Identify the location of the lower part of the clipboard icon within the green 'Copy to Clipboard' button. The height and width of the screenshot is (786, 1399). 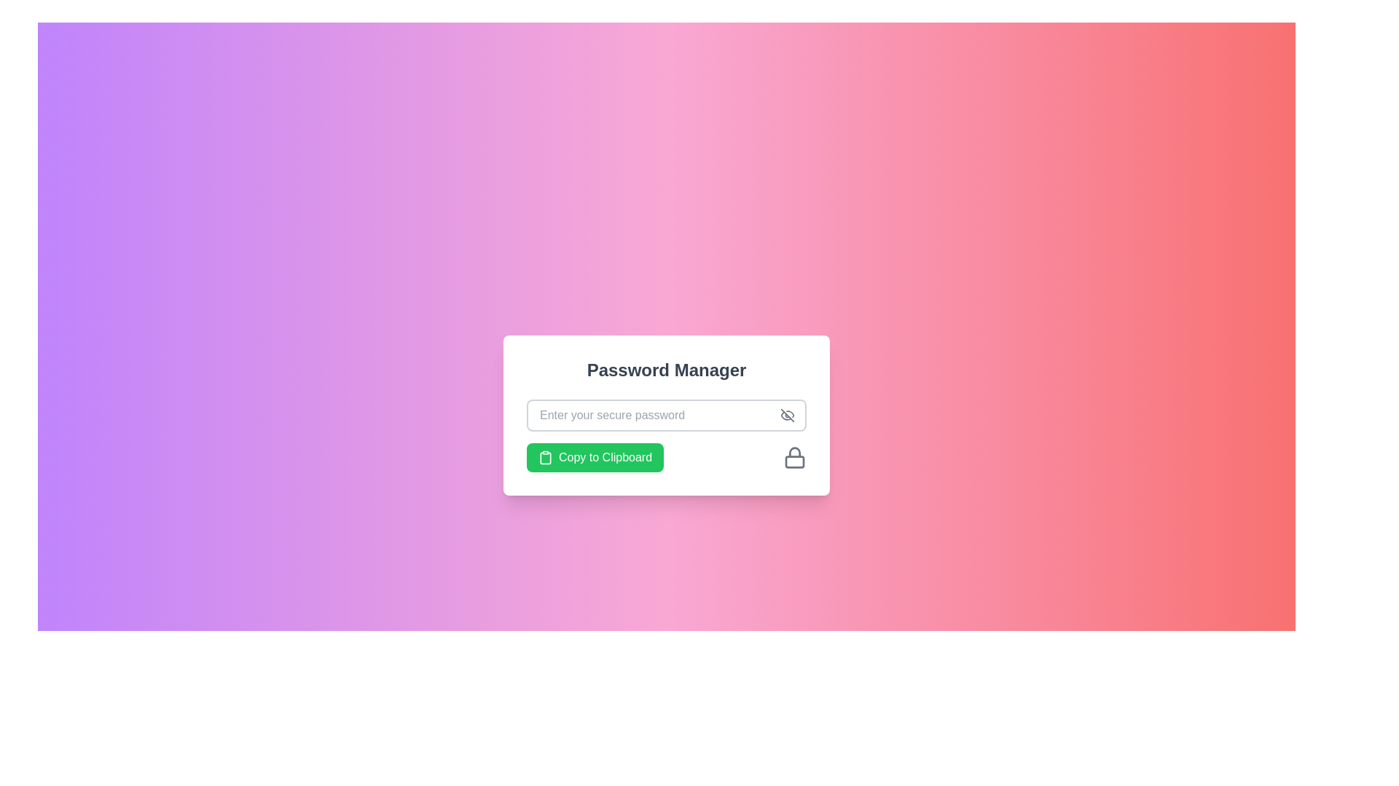
(544, 456).